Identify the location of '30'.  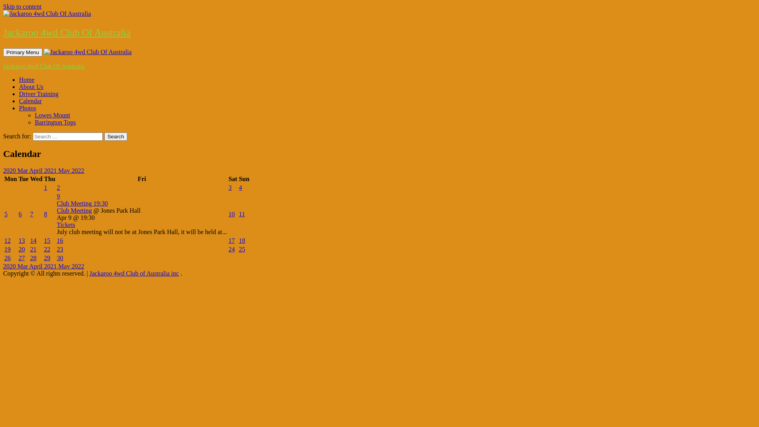
(60, 258).